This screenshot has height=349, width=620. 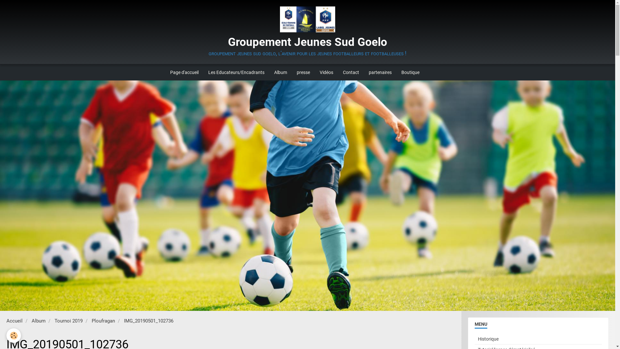 I want to click on 'Historique', so click(x=538, y=339).